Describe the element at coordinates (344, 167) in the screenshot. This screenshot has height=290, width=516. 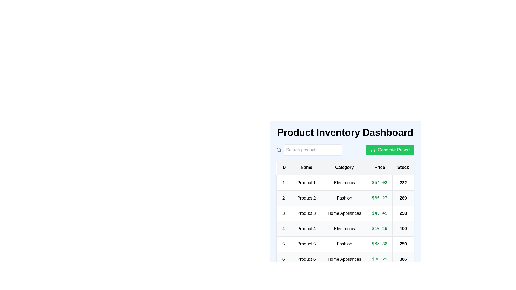
I see `the header of the column Category to sort the table by that column` at that location.